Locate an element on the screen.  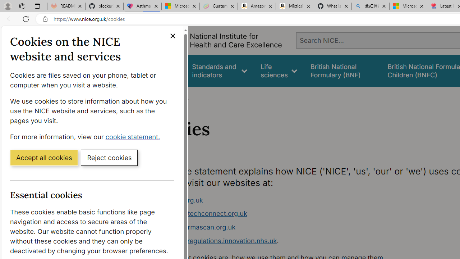
'Microsoft-Report a Concern to Bing' is located at coordinates (181, 6).